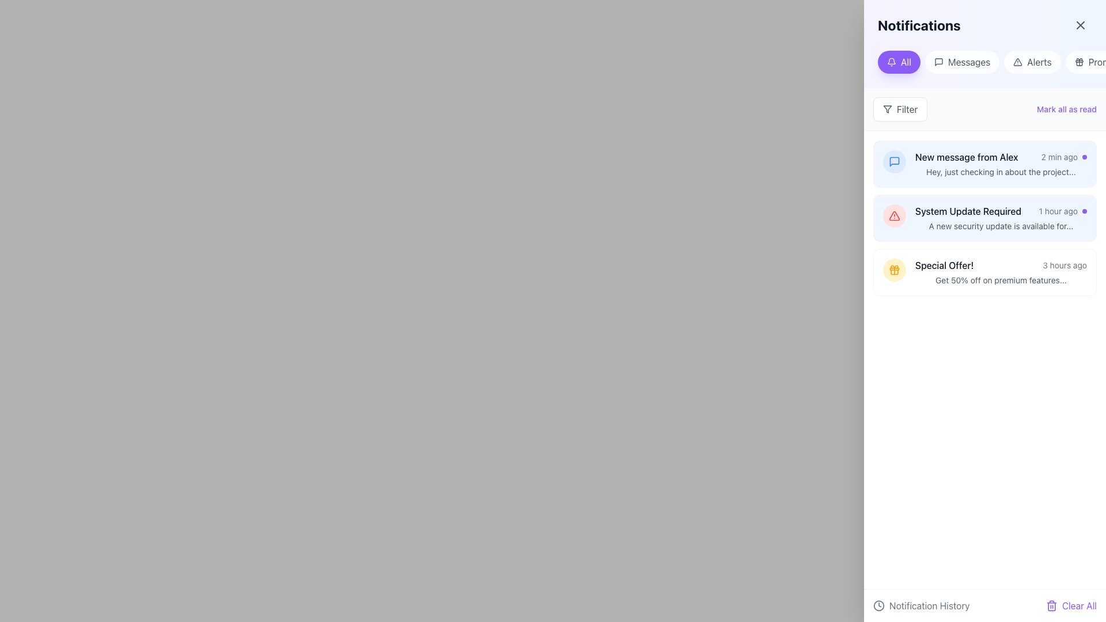  What do you see at coordinates (1031, 272) in the screenshot?
I see `the small grayish archive box icon located near the 'Special Offer!' notification to archive it` at bounding box center [1031, 272].